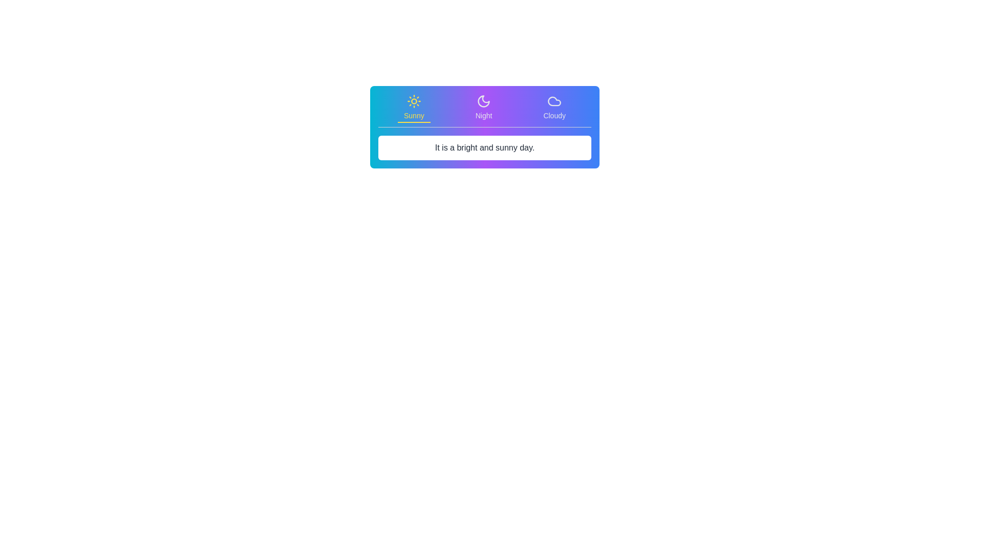 The image size is (983, 553). I want to click on the 'Night' mode text label located in the center section of the three-weather-state options, positioned beneath a moon icon, so click(483, 115).